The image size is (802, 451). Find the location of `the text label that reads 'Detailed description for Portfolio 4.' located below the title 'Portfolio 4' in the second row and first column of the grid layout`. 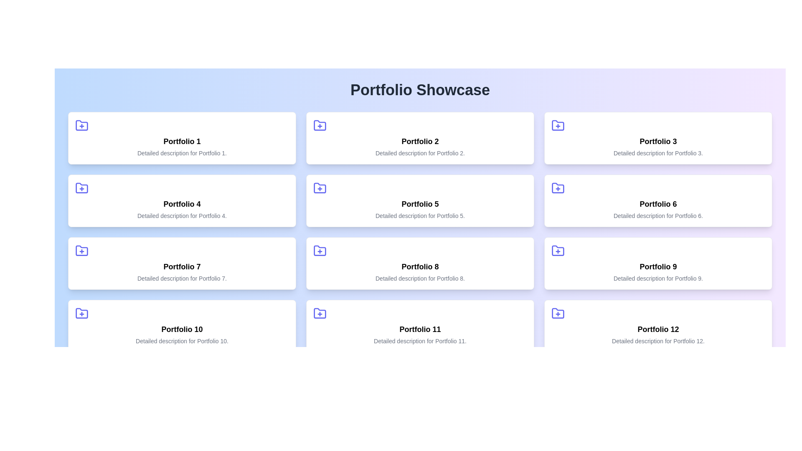

the text label that reads 'Detailed description for Portfolio 4.' located below the title 'Portfolio 4' in the second row and first column of the grid layout is located at coordinates (182, 215).